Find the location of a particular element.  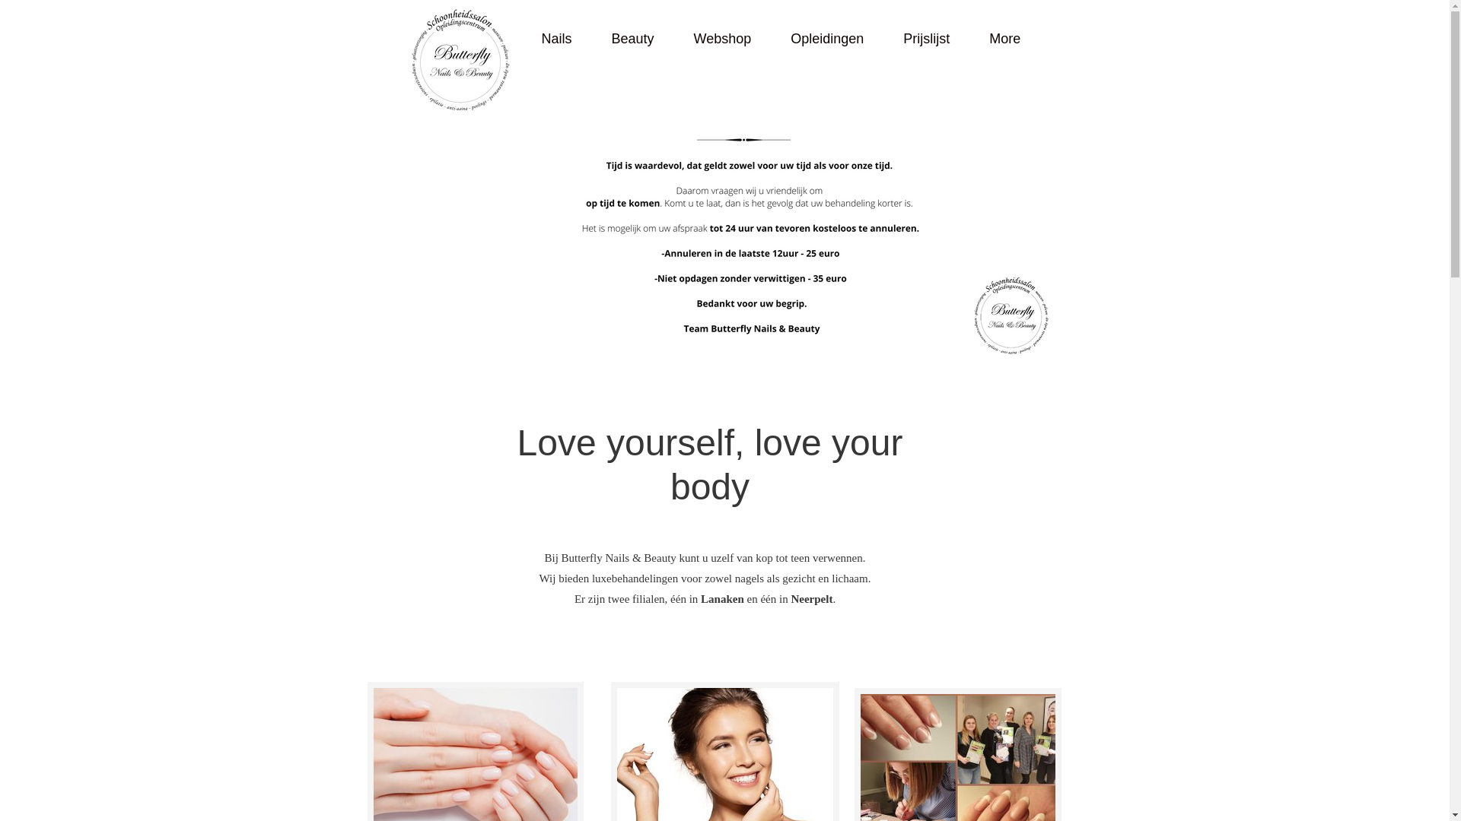

'More' is located at coordinates (1004, 37).